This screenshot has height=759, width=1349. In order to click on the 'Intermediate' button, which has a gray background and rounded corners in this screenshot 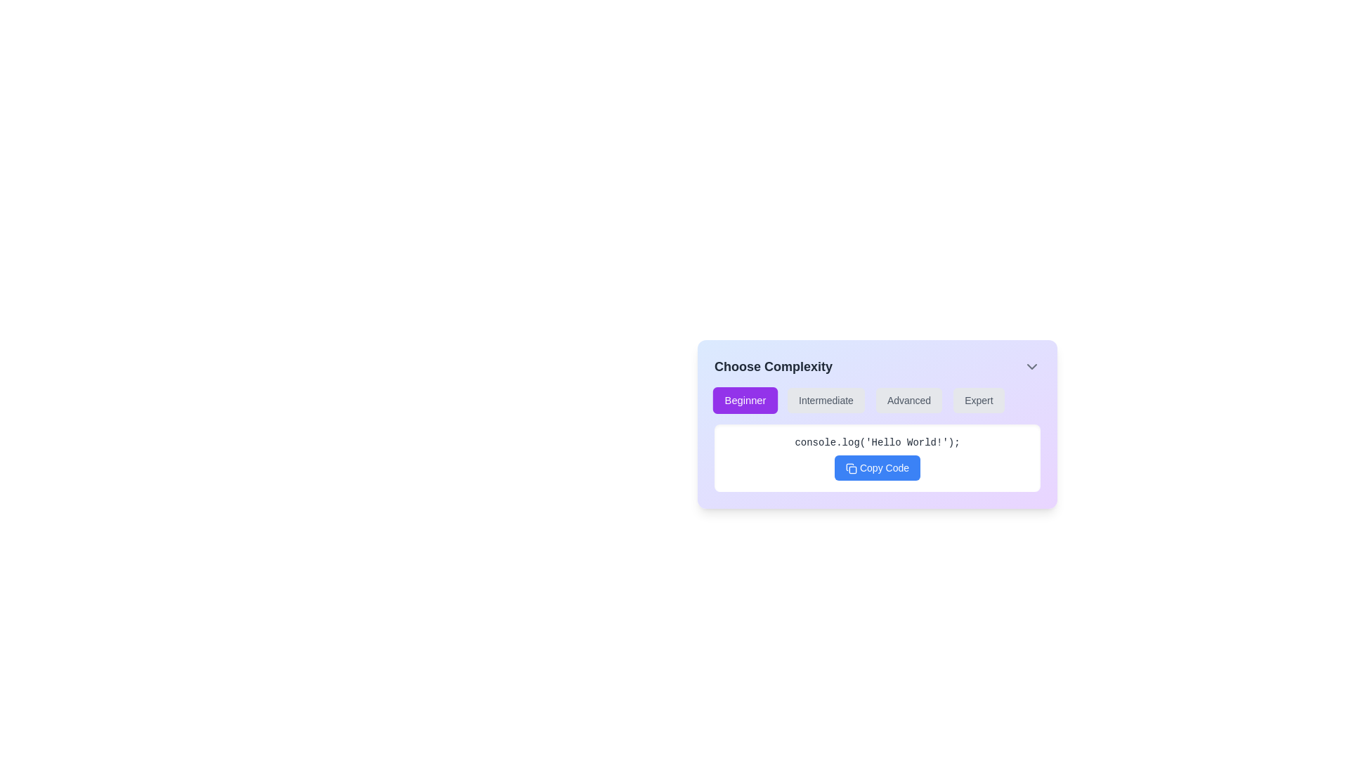, I will do `click(826, 401)`.